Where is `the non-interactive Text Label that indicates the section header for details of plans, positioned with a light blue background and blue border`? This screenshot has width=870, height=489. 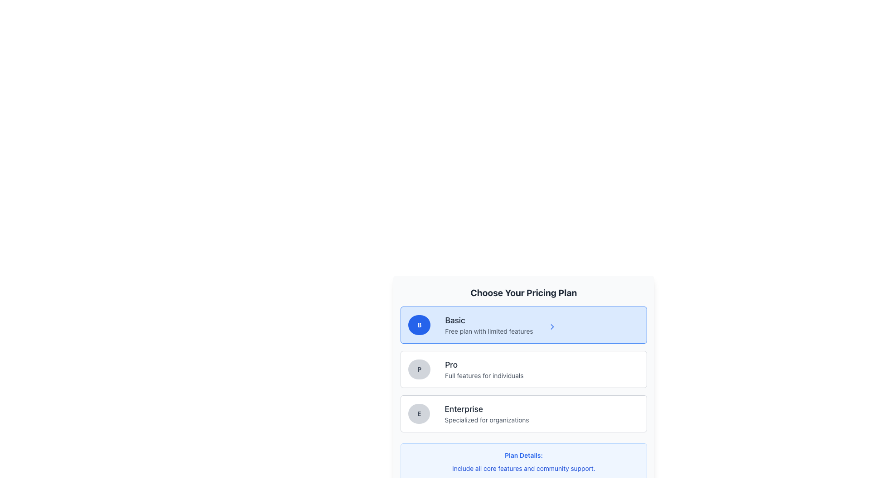
the non-interactive Text Label that indicates the section header for details of plans, positioned with a light blue background and blue border is located at coordinates (524, 455).